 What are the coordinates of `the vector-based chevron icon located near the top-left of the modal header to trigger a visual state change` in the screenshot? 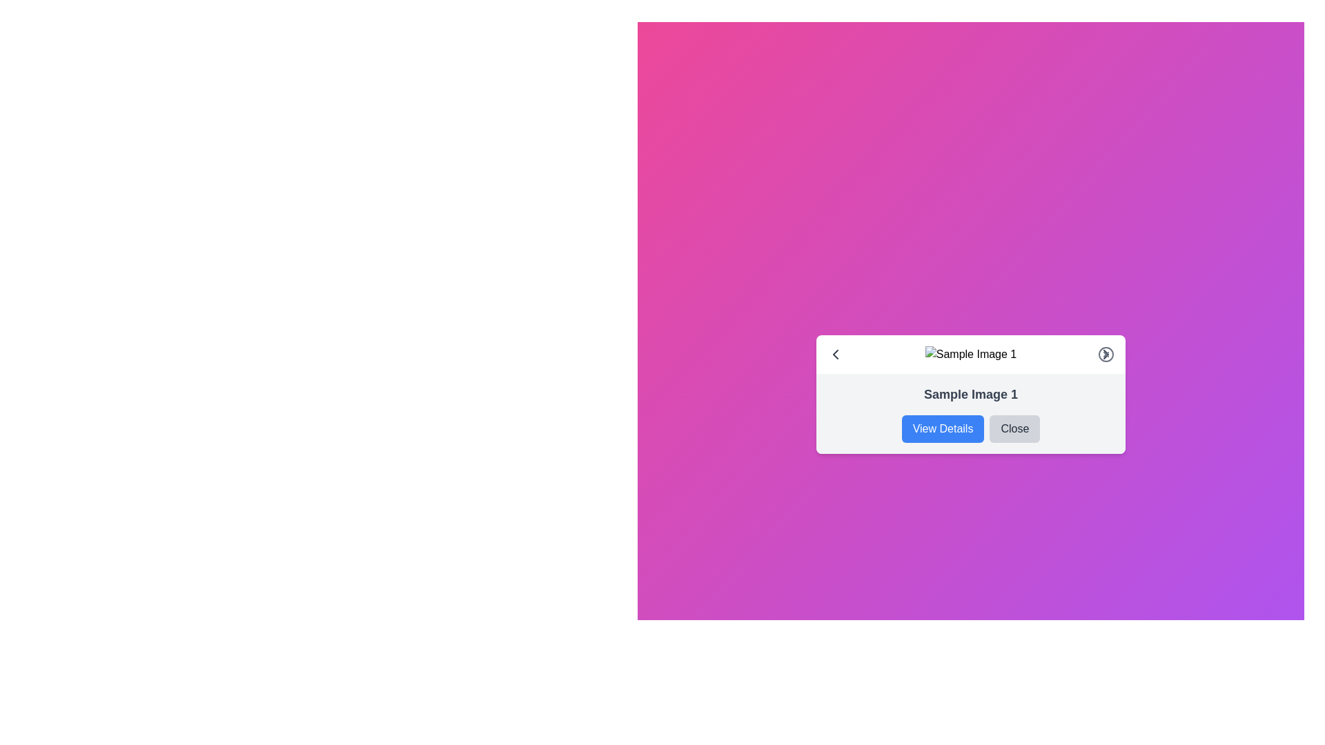 It's located at (834, 353).